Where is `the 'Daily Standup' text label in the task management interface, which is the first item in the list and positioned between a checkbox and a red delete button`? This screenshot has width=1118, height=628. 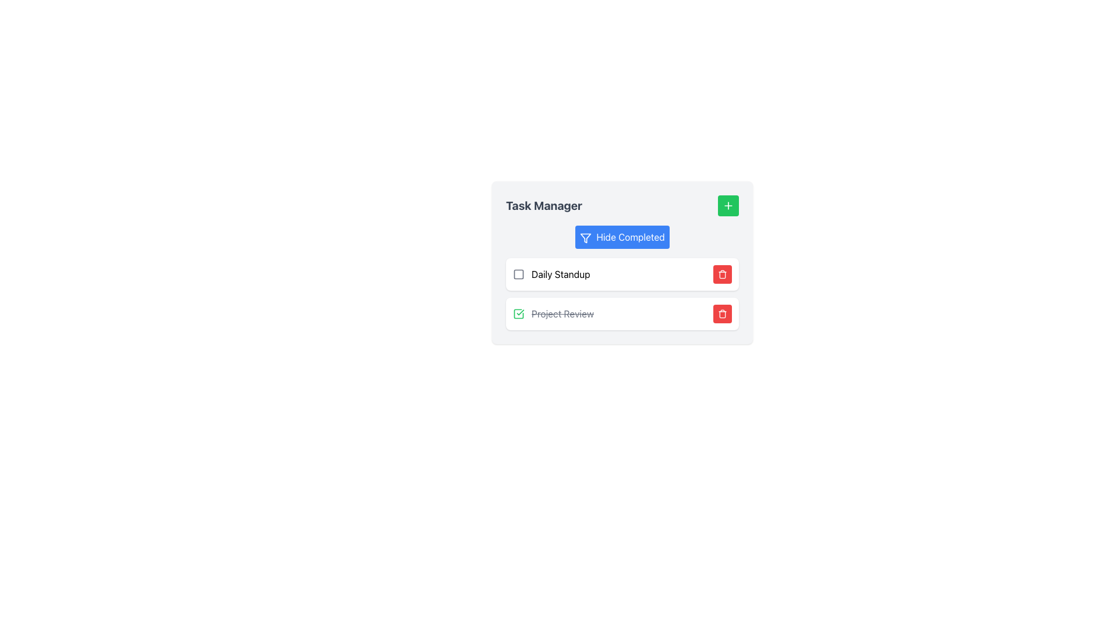
the 'Daily Standup' text label in the task management interface, which is the first item in the list and positioned between a checkbox and a red delete button is located at coordinates (561, 274).